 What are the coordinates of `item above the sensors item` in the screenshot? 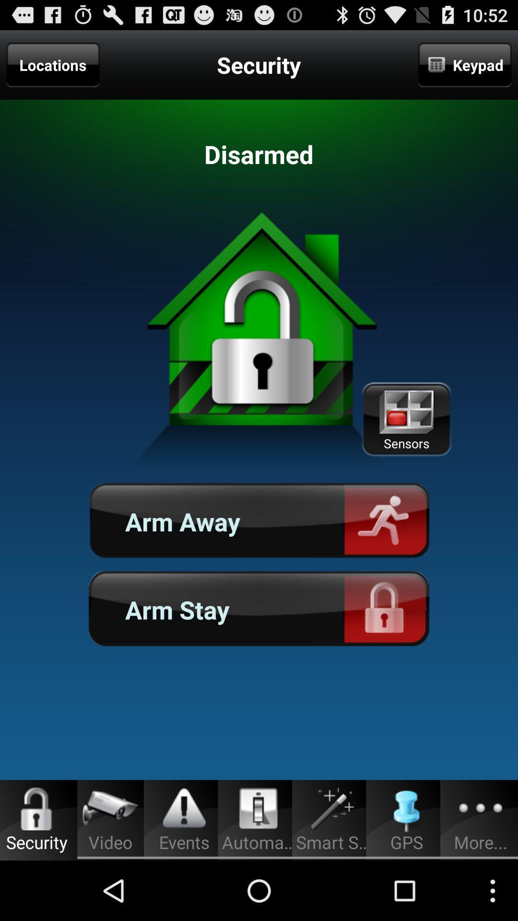 It's located at (464, 64).